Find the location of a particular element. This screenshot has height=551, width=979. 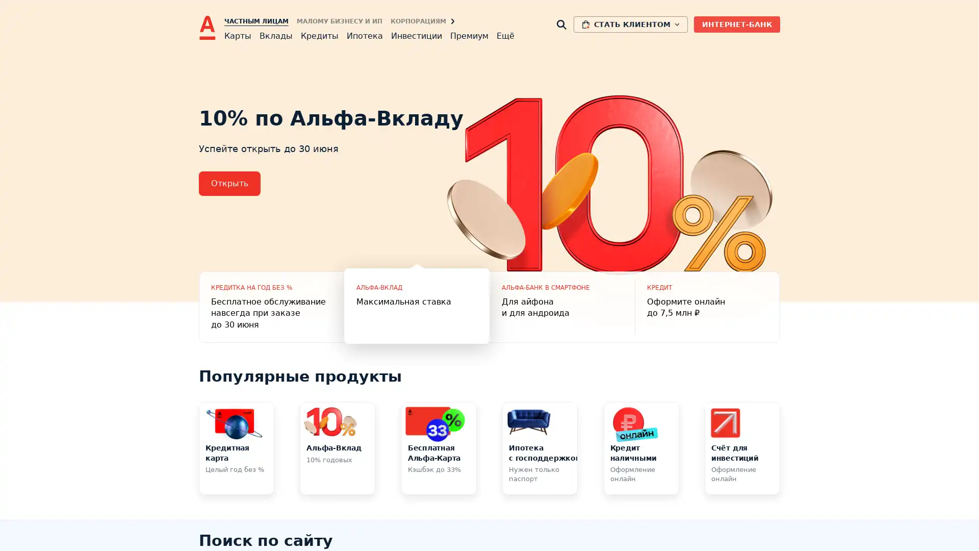

- is located at coordinates (561, 306).